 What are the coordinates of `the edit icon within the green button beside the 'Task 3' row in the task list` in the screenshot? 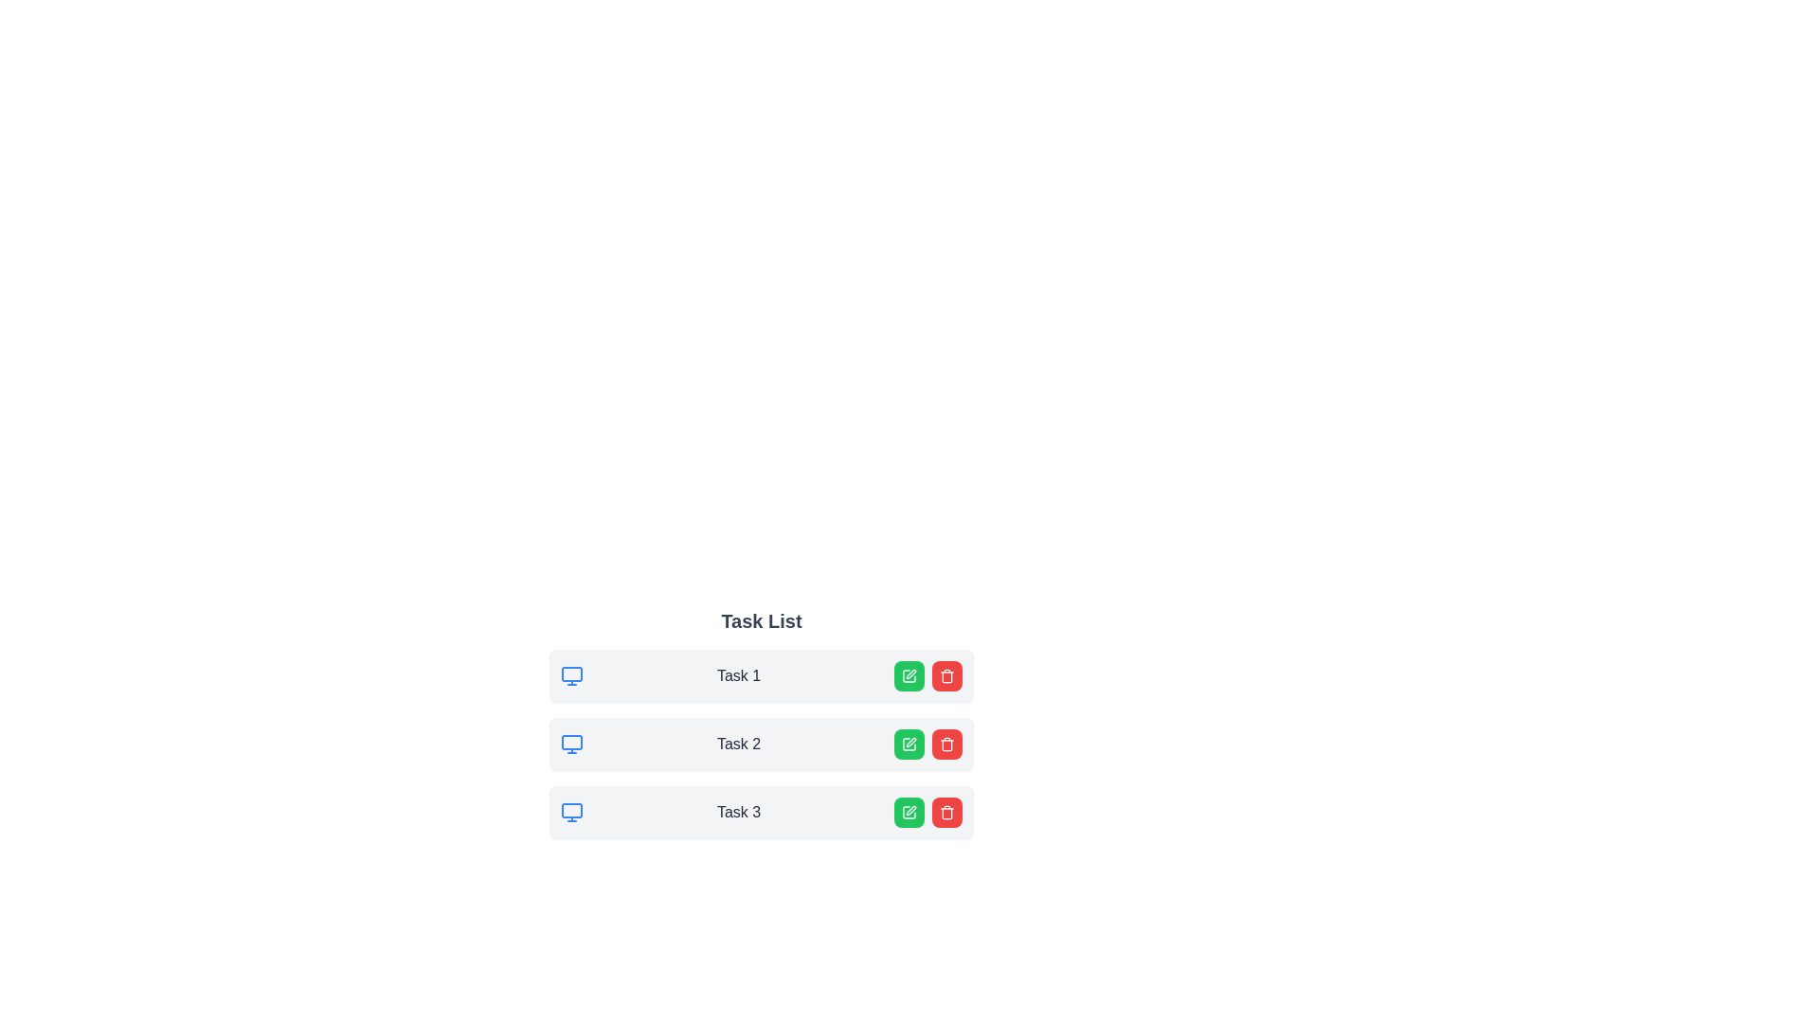 It's located at (909, 811).